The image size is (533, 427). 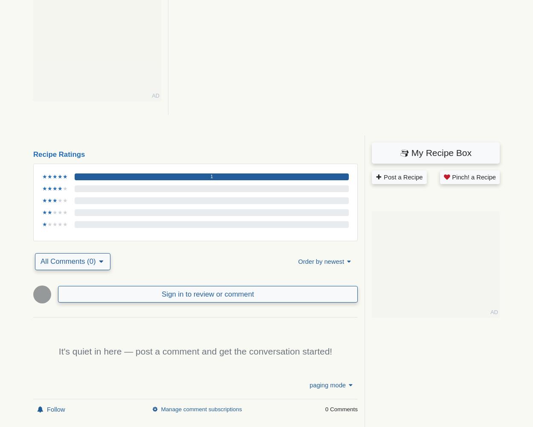 I want to click on 'Sign in to review or comment', so click(x=207, y=294).